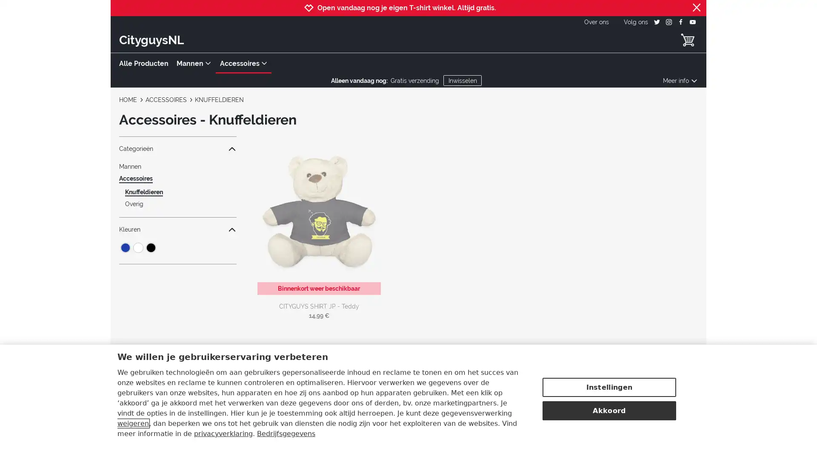  What do you see at coordinates (177, 148) in the screenshot?
I see `Categorieen` at bounding box center [177, 148].